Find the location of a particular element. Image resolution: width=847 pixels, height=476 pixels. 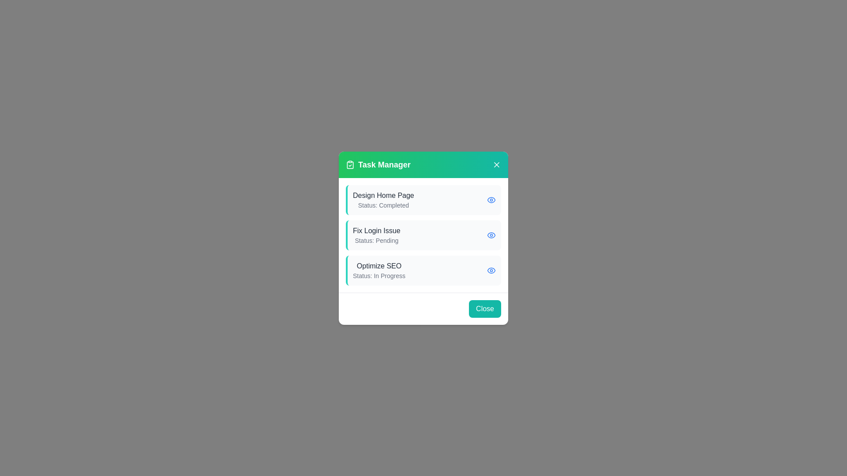

the task management icon located on the left side of the header bar next to the 'Task Manager' text is located at coordinates (349, 164).